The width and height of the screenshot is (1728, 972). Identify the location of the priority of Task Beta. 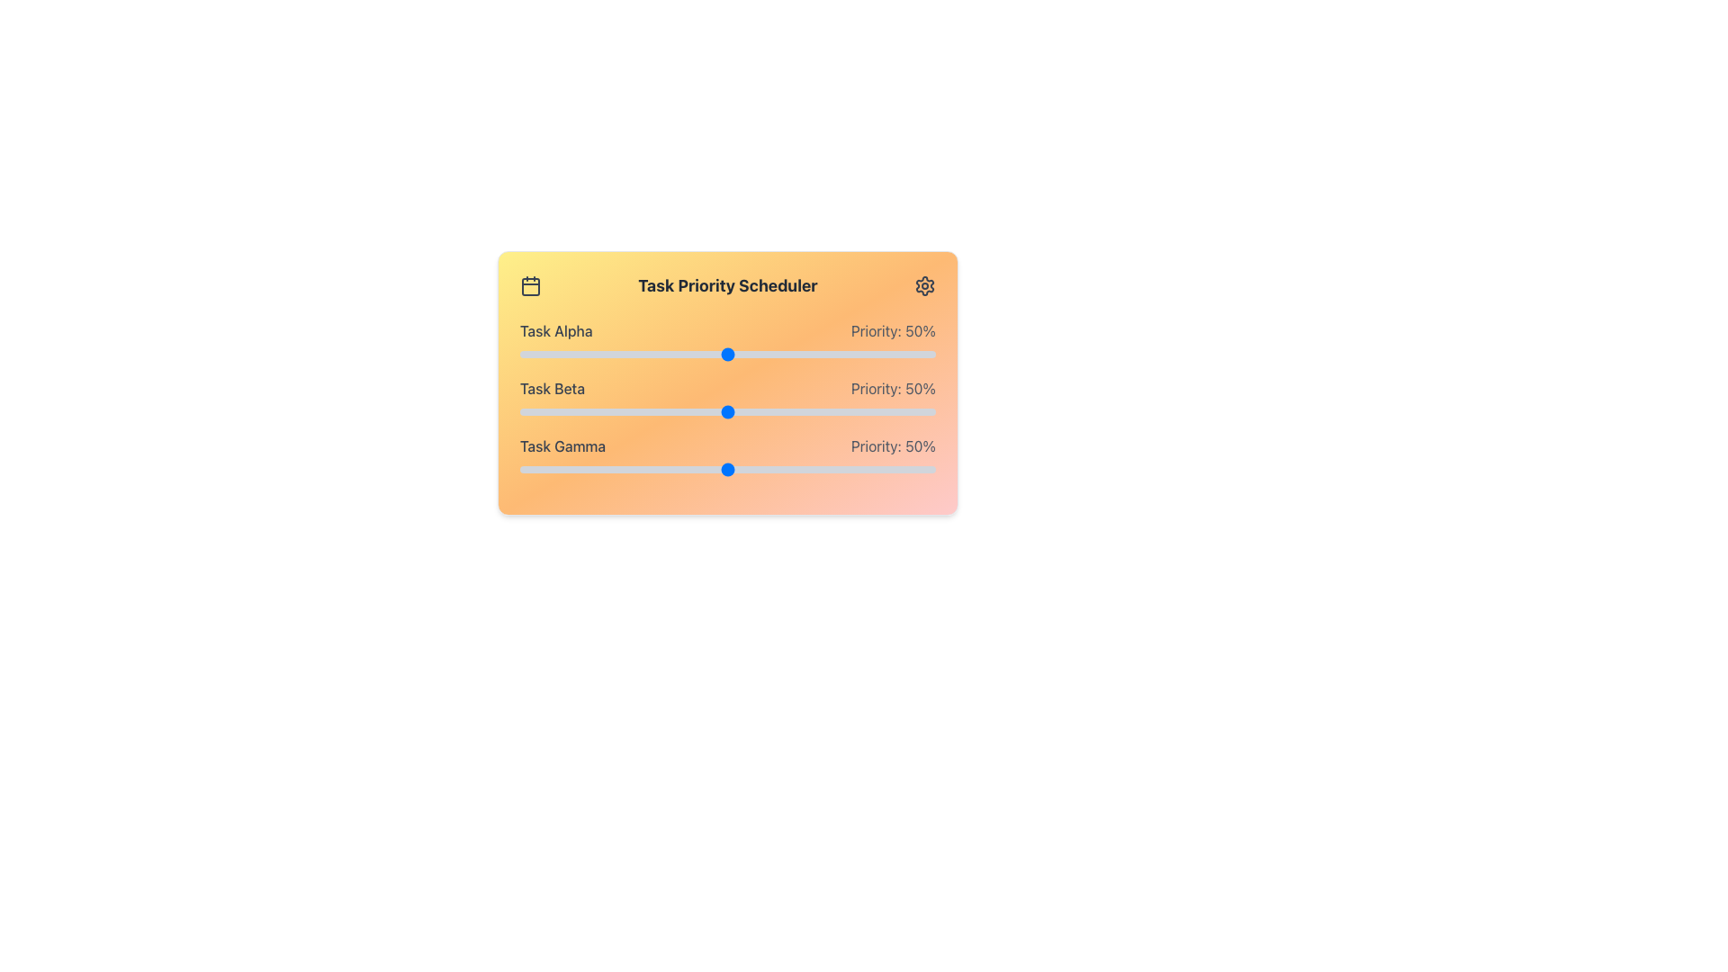
(586, 412).